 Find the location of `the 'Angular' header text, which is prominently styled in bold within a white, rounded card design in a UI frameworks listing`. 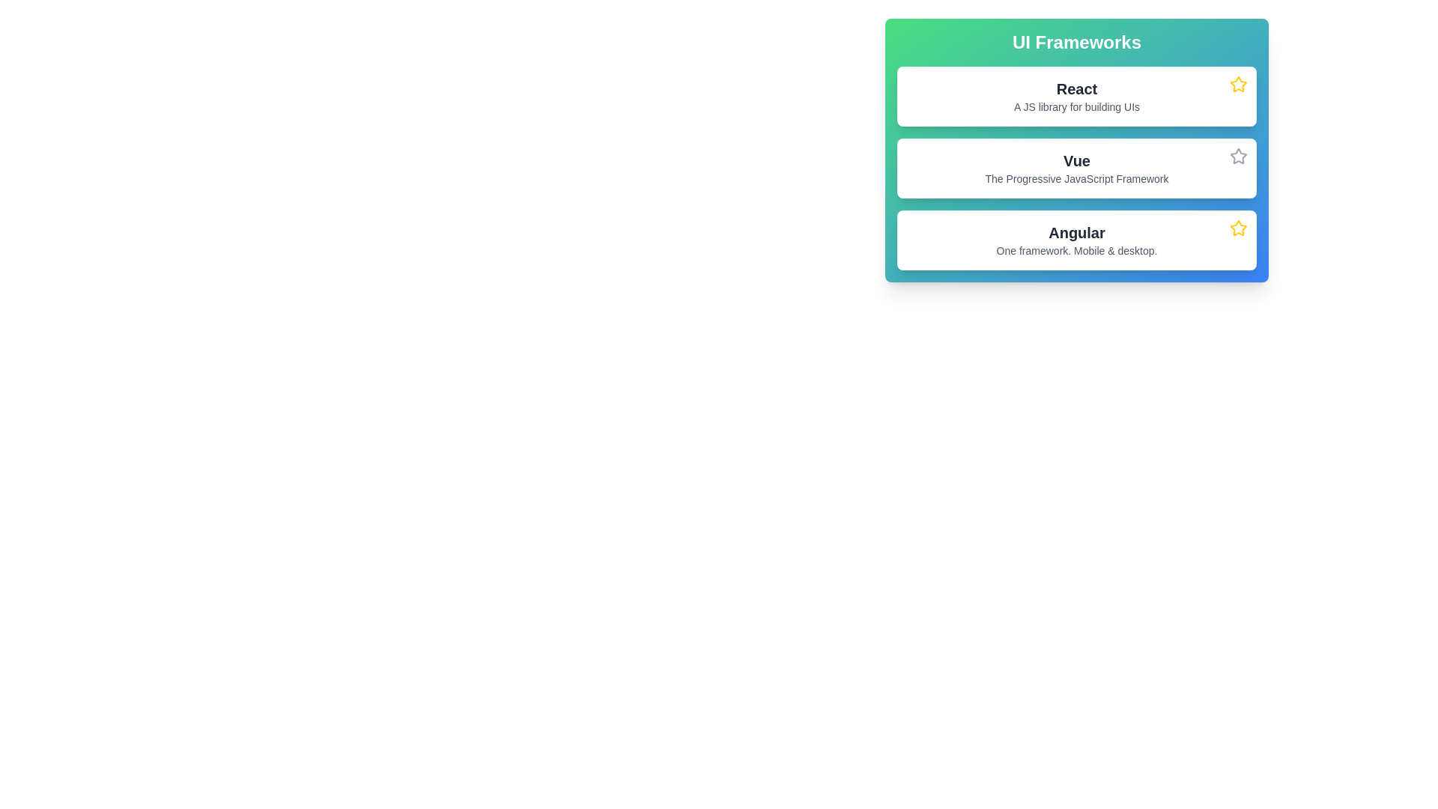

the 'Angular' header text, which is prominently styled in bold within a white, rounded card design in a UI frameworks listing is located at coordinates (1076, 233).